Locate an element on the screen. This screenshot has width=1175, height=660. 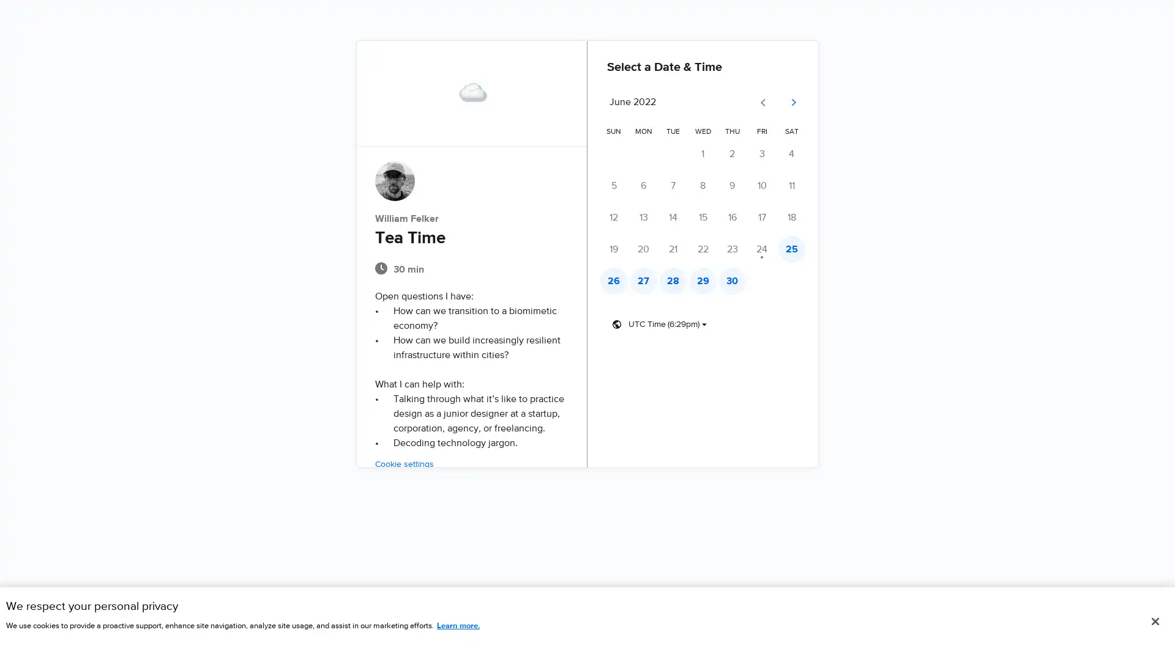
Timezone dropdown button is located at coordinates (659, 324).